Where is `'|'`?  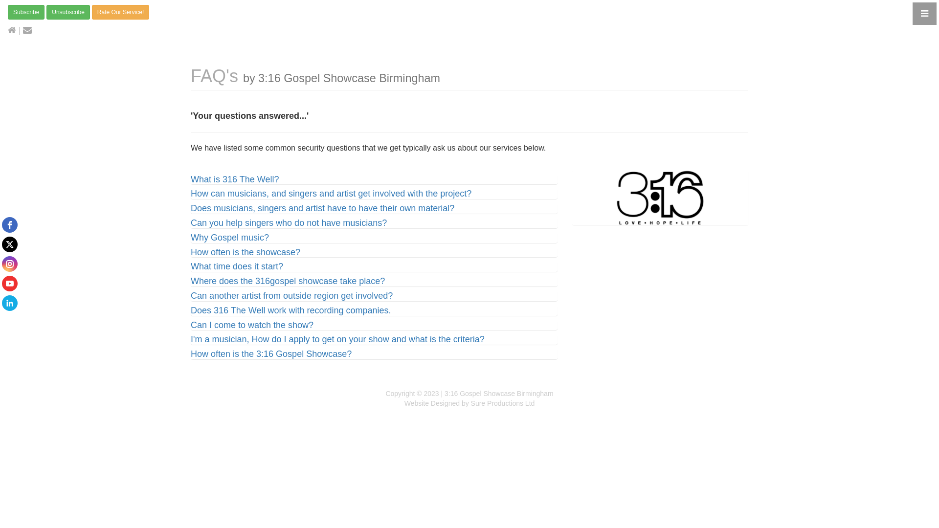
'|' is located at coordinates (14, 29).